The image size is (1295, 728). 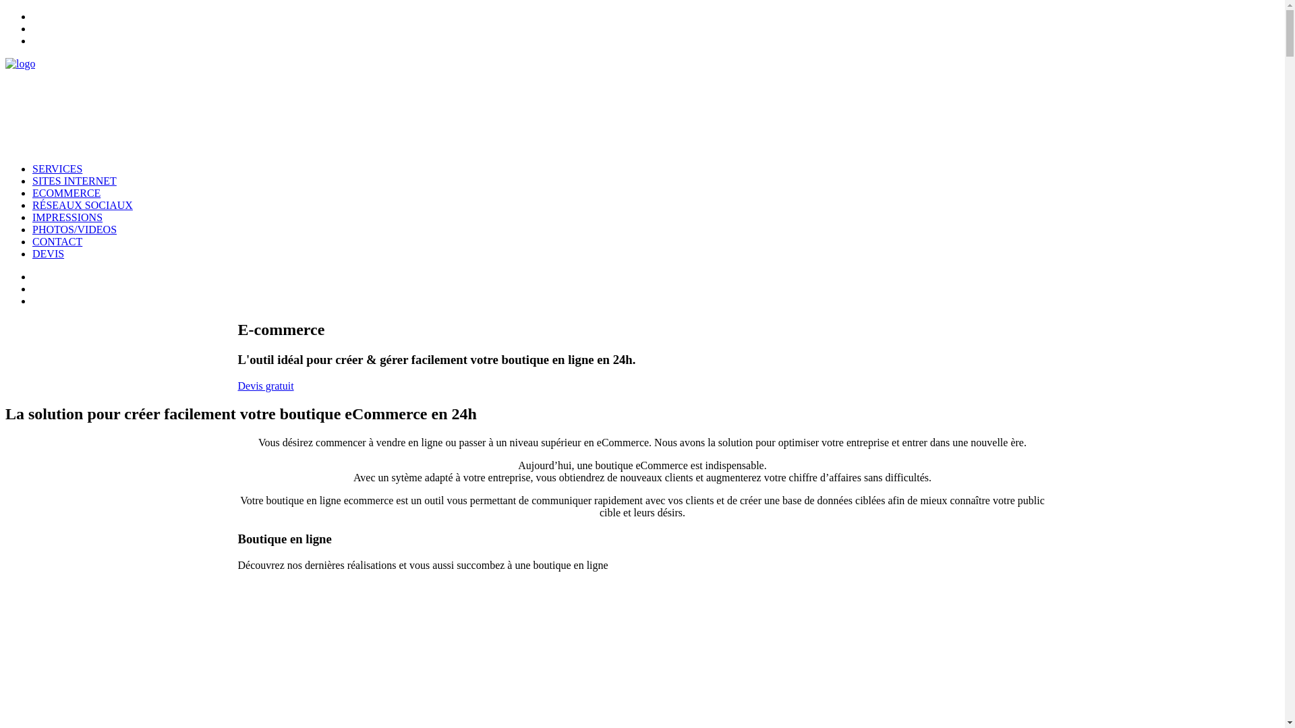 What do you see at coordinates (74, 229) in the screenshot?
I see `'PHOTOS/VIDEOS'` at bounding box center [74, 229].